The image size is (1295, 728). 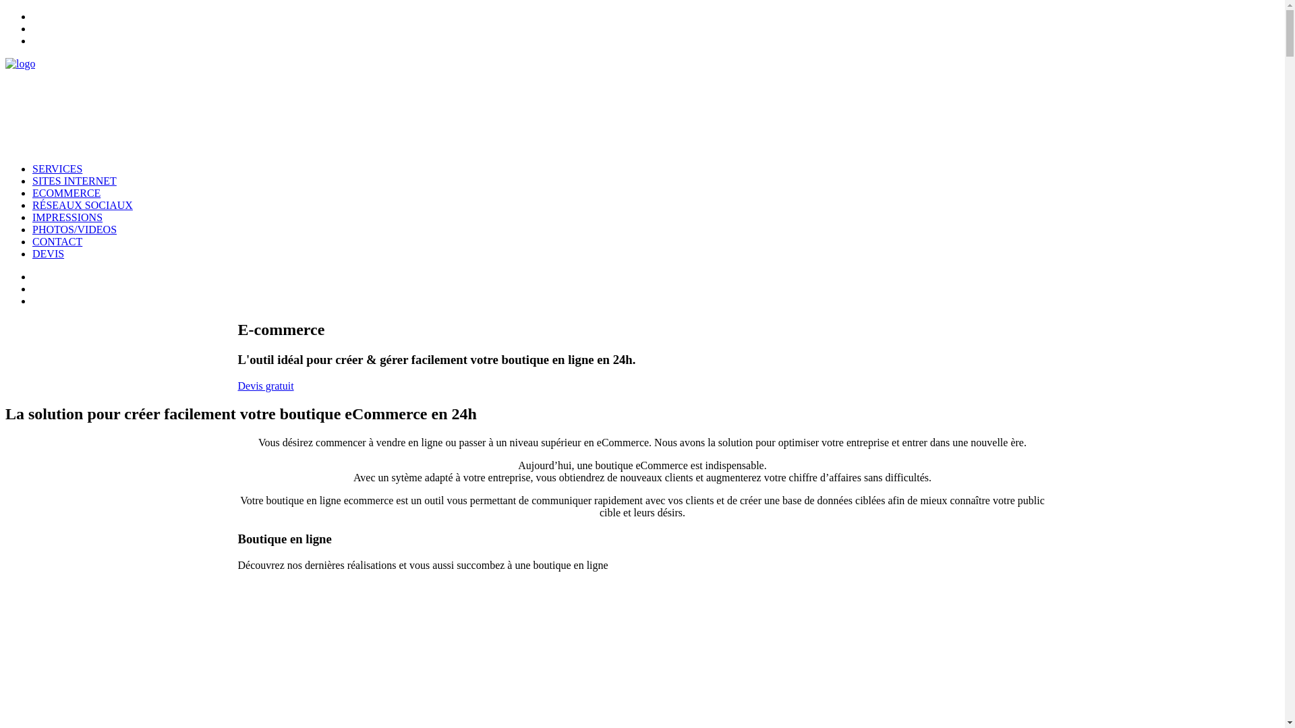 What do you see at coordinates (74, 229) in the screenshot?
I see `'PHOTOS/VIDEOS'` at bounding box center [74, 229].